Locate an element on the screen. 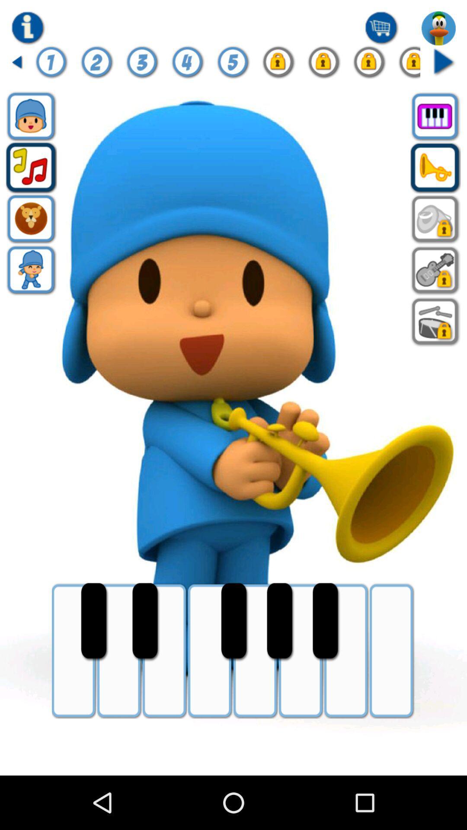  the info icon is located at coordinates (51, 66).